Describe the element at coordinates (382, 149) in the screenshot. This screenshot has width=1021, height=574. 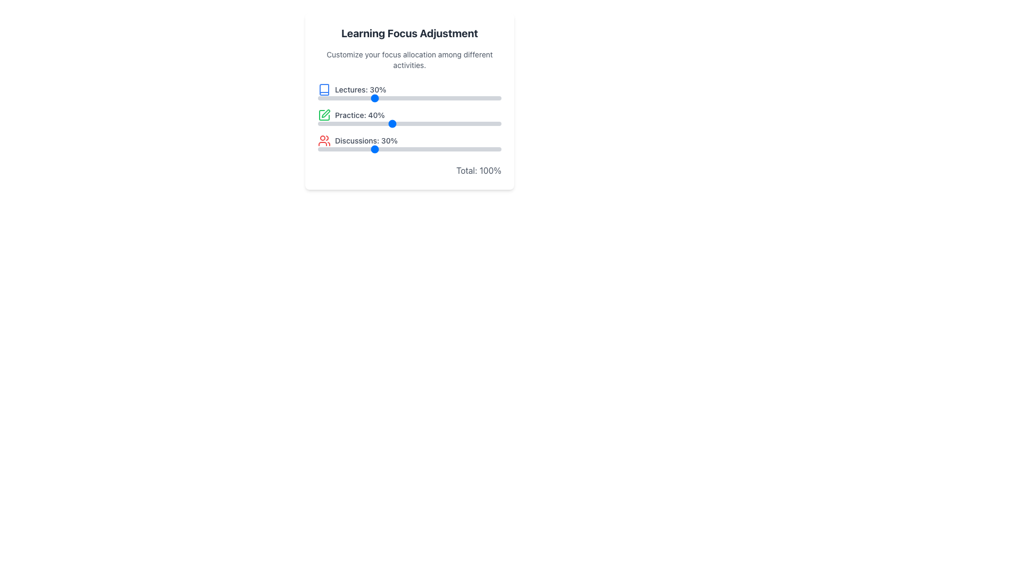
I see `the slider` at that location.